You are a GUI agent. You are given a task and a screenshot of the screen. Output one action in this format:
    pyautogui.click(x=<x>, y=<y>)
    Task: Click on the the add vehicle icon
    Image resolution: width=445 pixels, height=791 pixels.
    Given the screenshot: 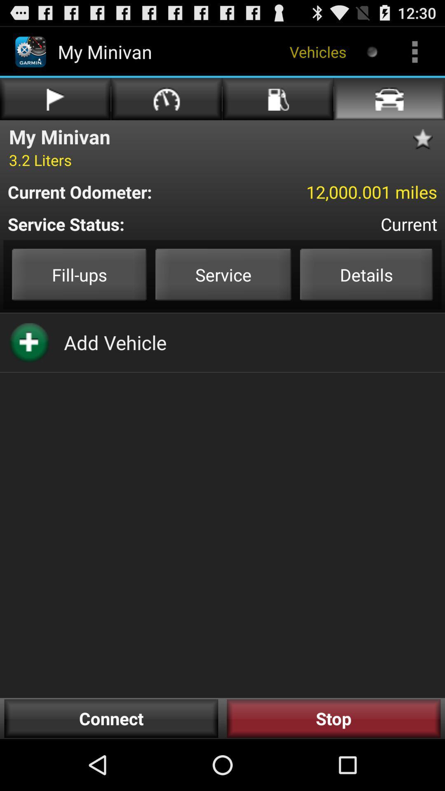 What is the action you would take?
    pyautogui.click(x=115, y=342)
    